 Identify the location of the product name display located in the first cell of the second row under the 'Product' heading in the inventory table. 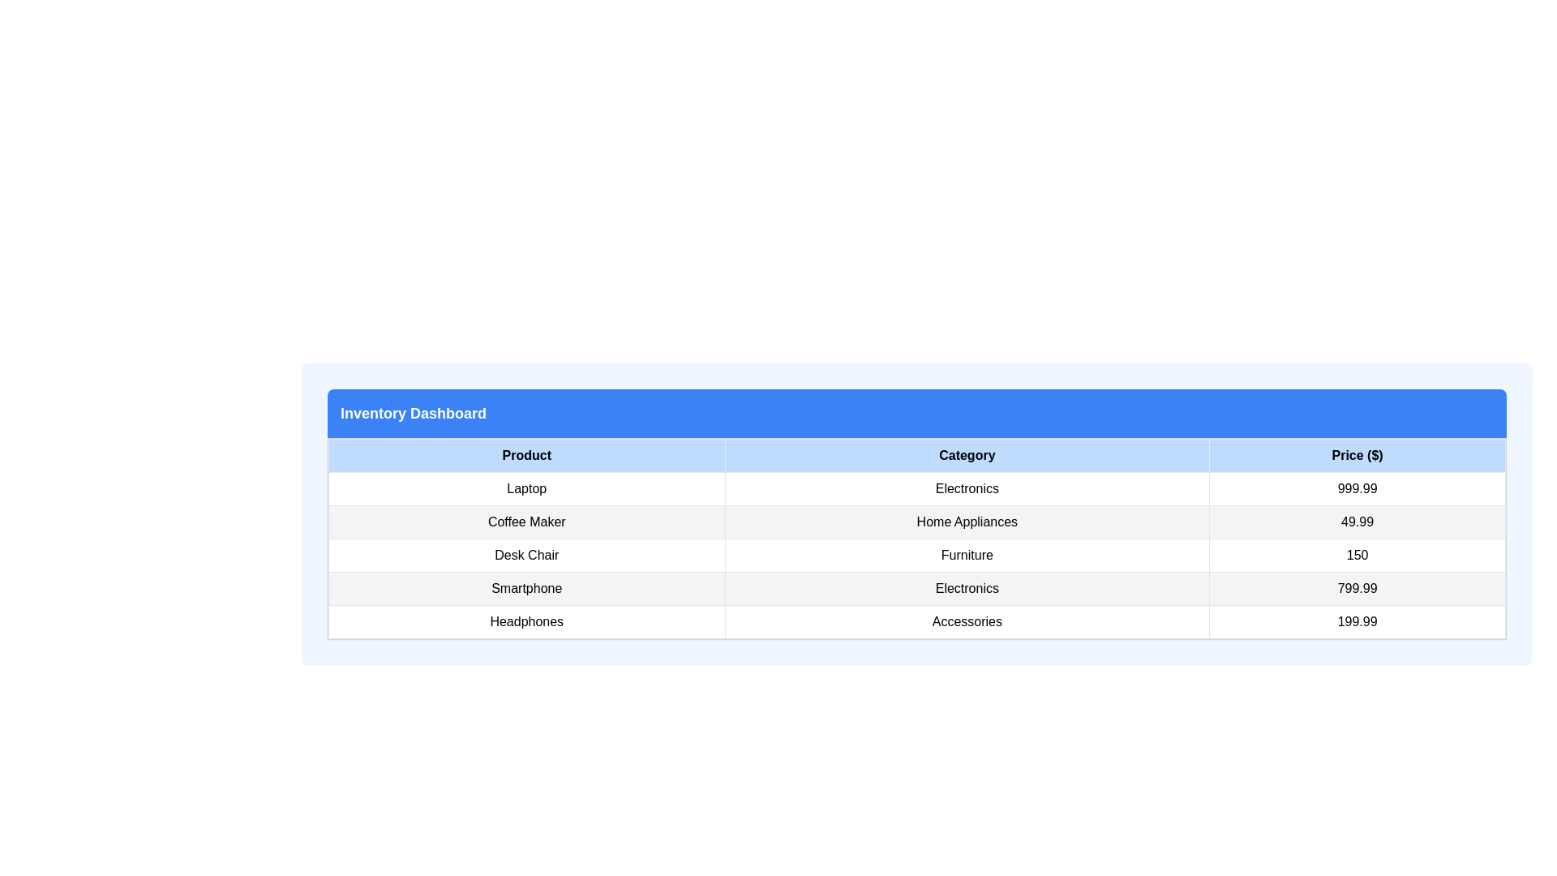
(526, 522).